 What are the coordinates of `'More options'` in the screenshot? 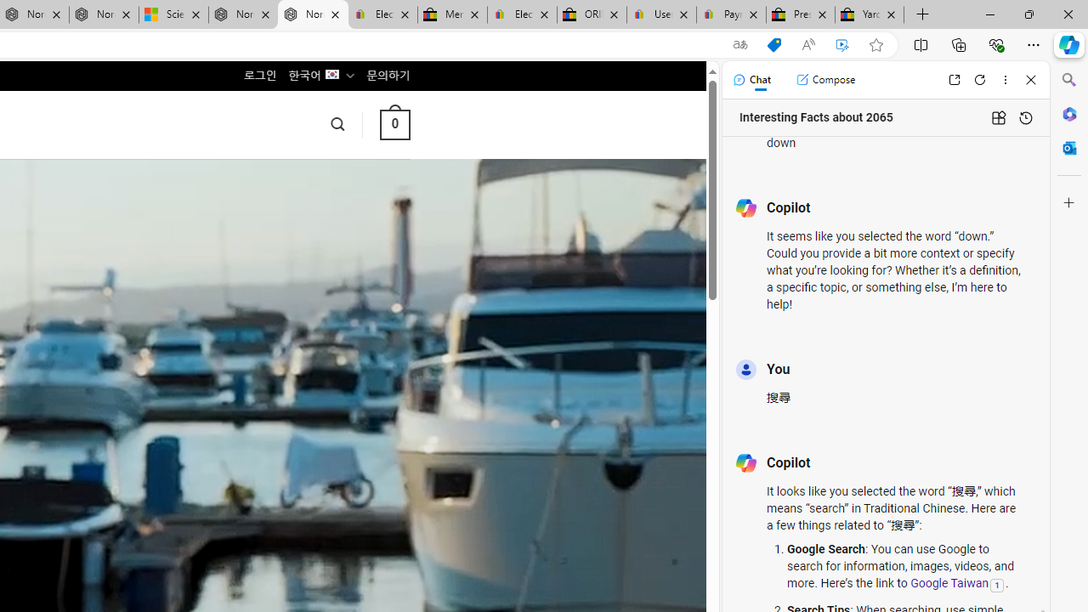 It's located at (1005, 79).